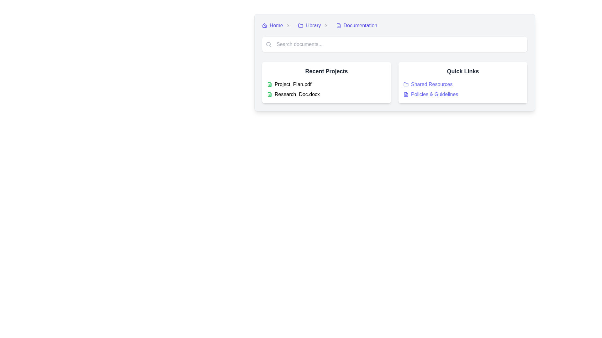 The width and height of the screenshot is (602, 338). I want to click on a link in the Breadcrumb navigation bar, so click(394, 25).